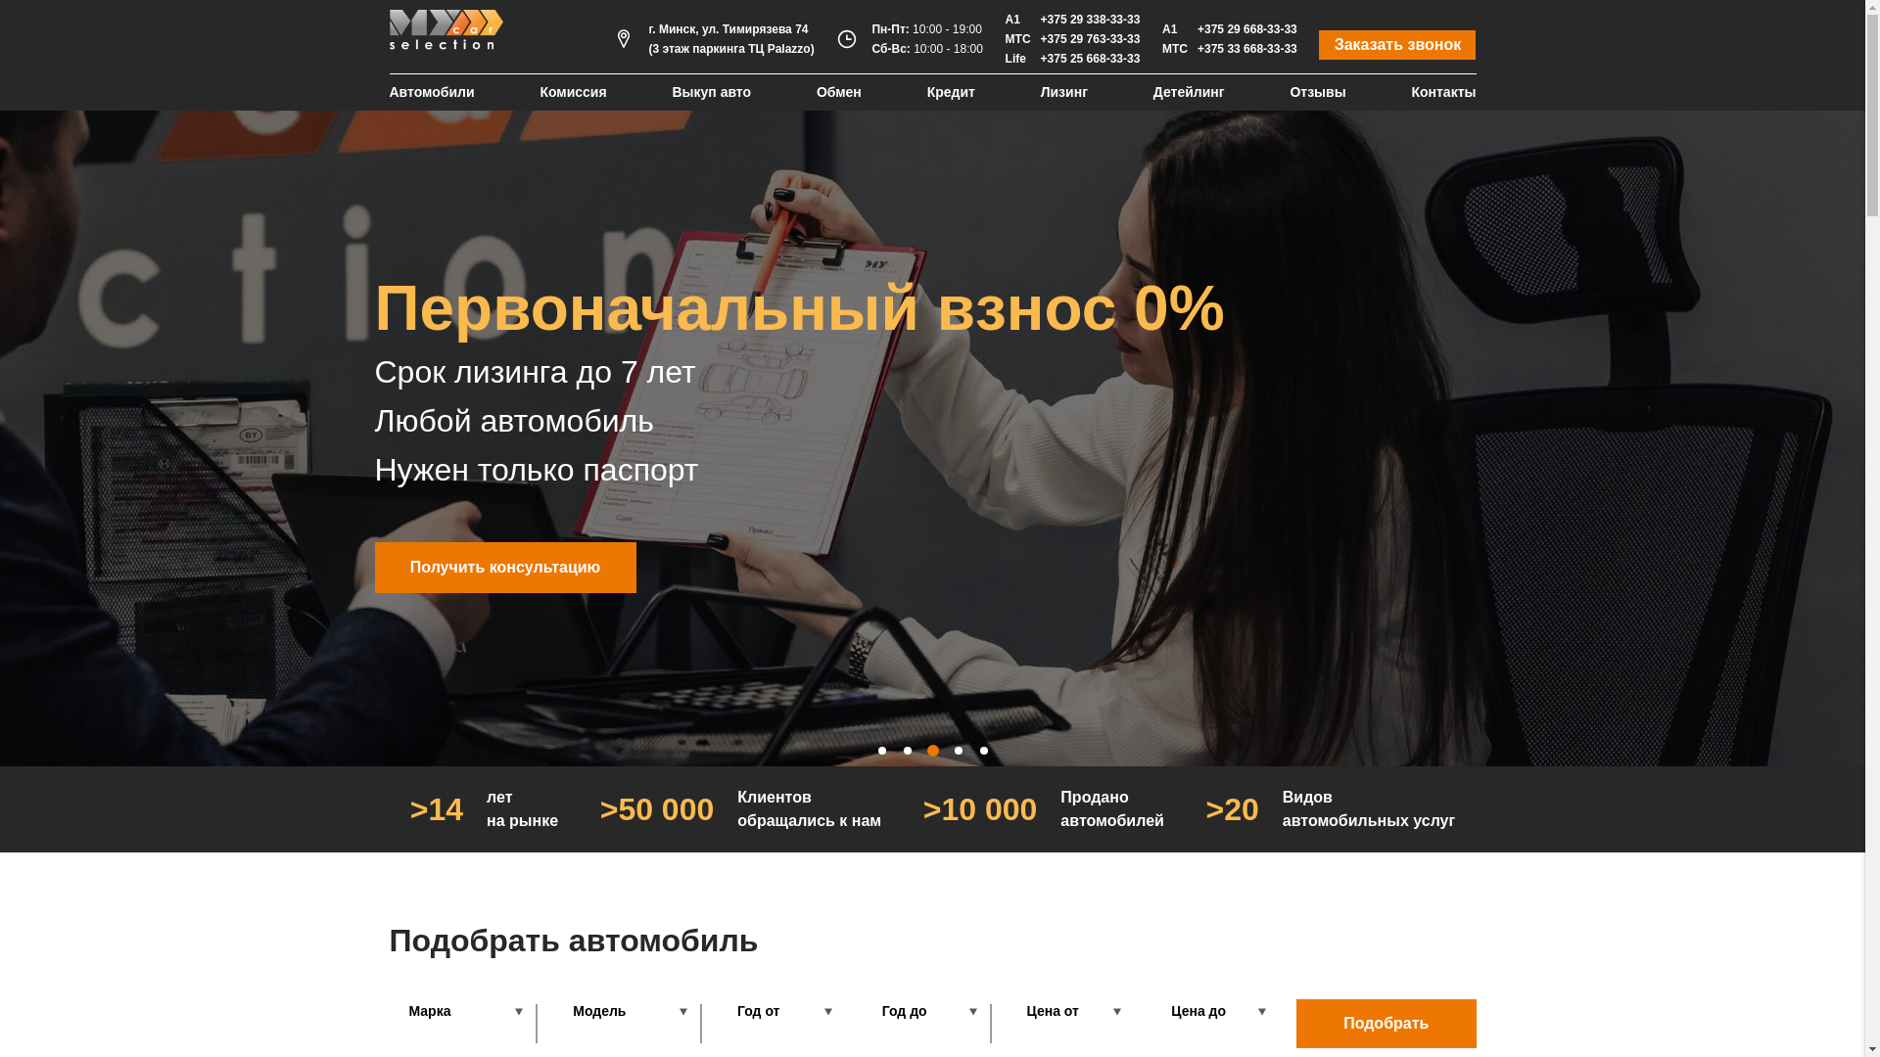 Image resolution: width=1880 pixels, height=1057 pixels. What do you see at coordinates (1245, 29) in the screenshot?
I see `'+375 29 668-33-33'` at bounding box center [1245, 29].